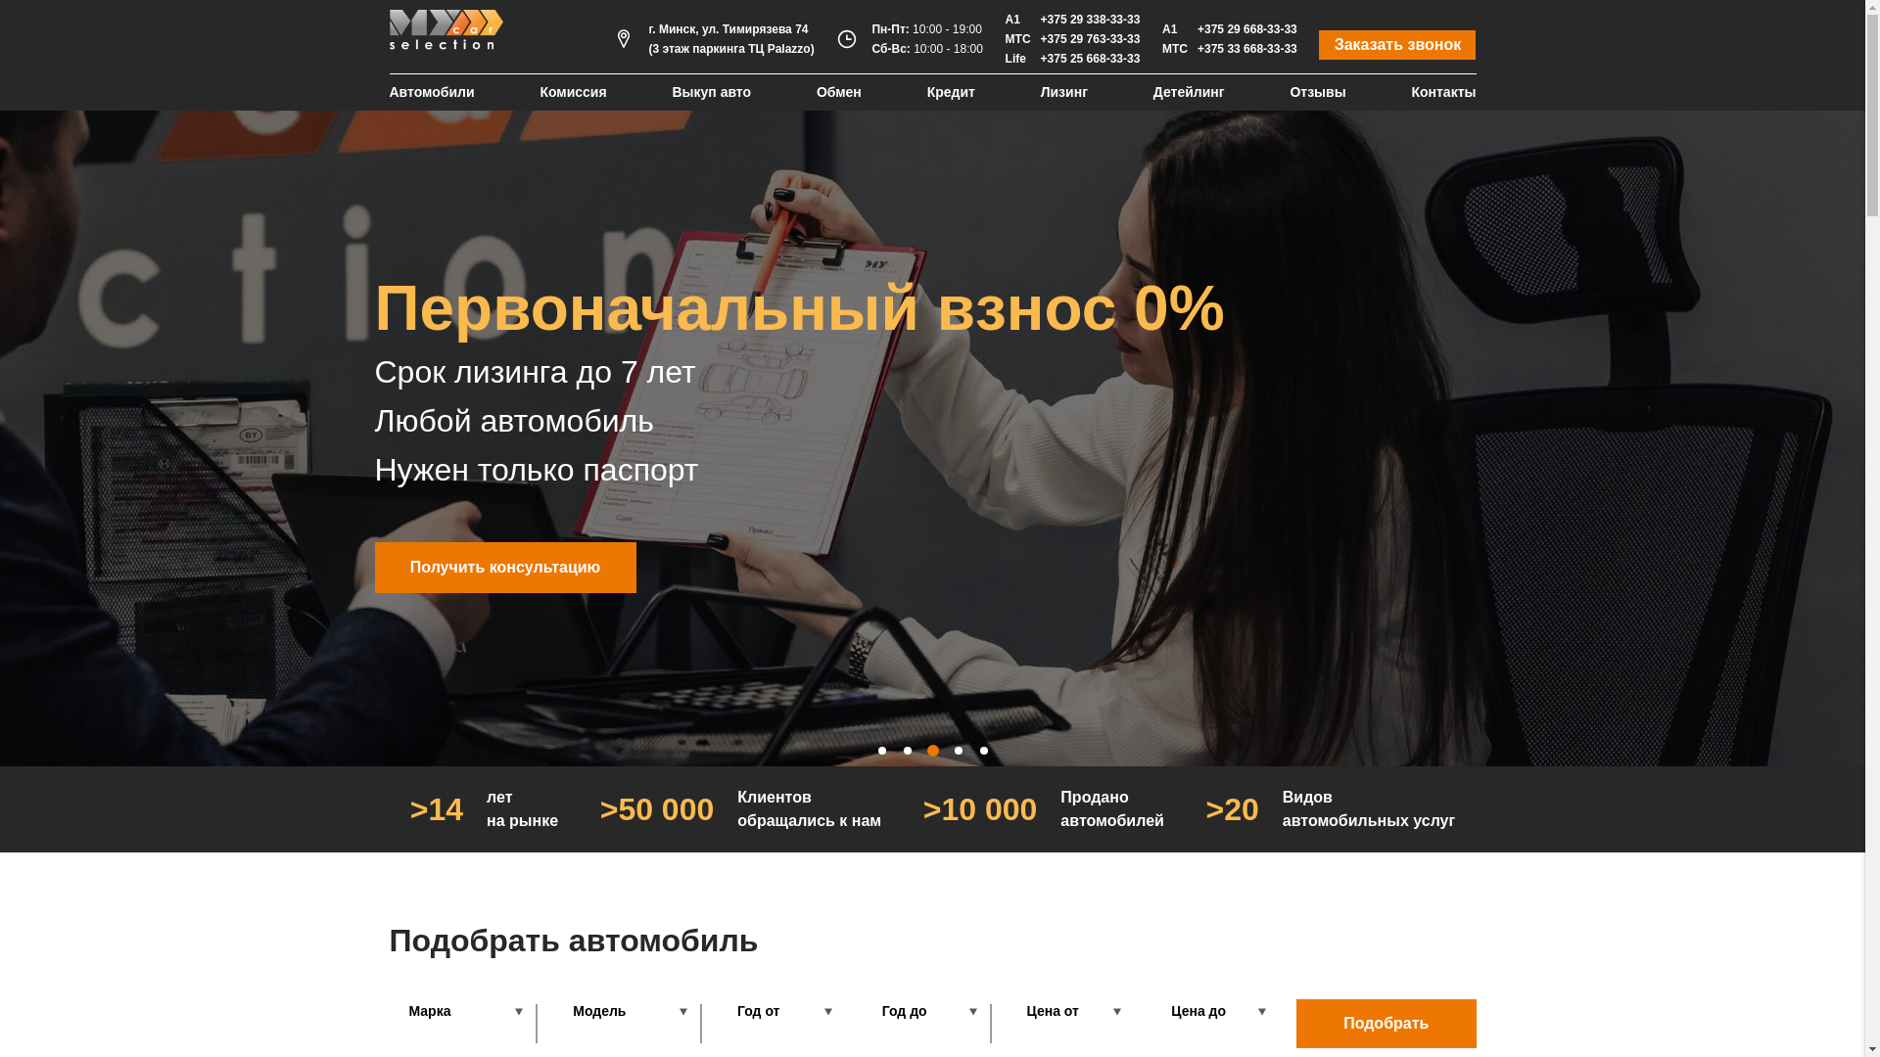 Image resolution: width=1880 pixels, height=1057 pixels. What do you see at coordinates (1245, 29) in the screenshot?
I see `'+375 29 668-33-33'` at bounding box center [1245, 29].